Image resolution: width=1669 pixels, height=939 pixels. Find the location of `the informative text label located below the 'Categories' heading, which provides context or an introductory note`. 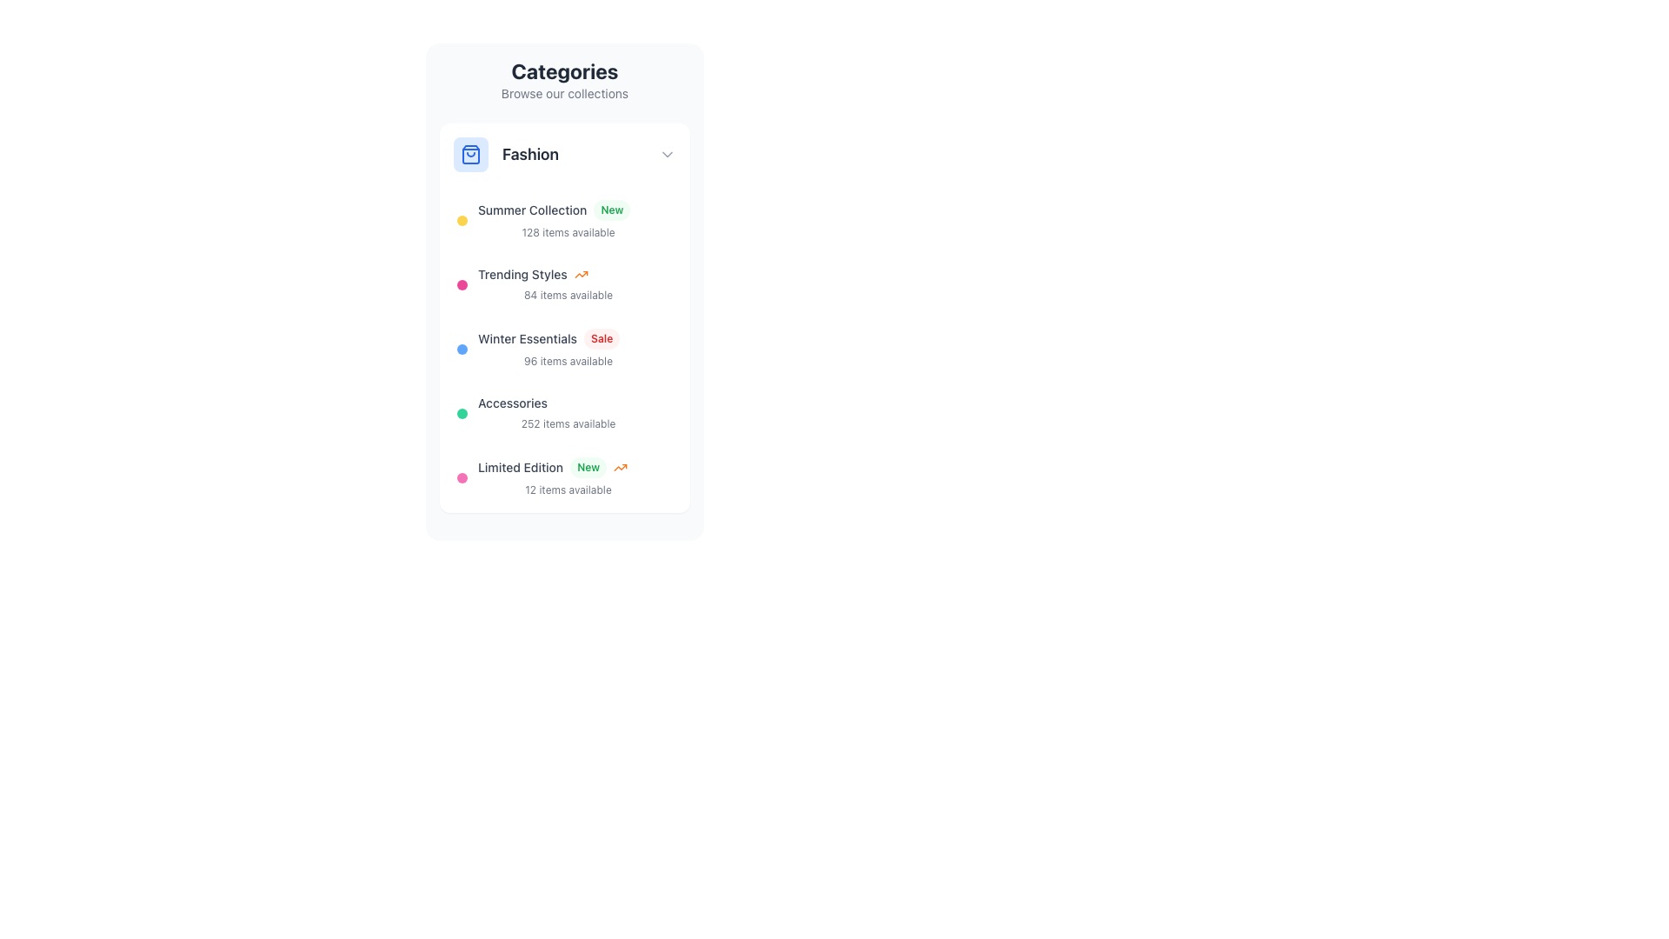

the informative text label located below the 'Categories' heading, which provides context or an introductory note is located at coordinates (564, 94).